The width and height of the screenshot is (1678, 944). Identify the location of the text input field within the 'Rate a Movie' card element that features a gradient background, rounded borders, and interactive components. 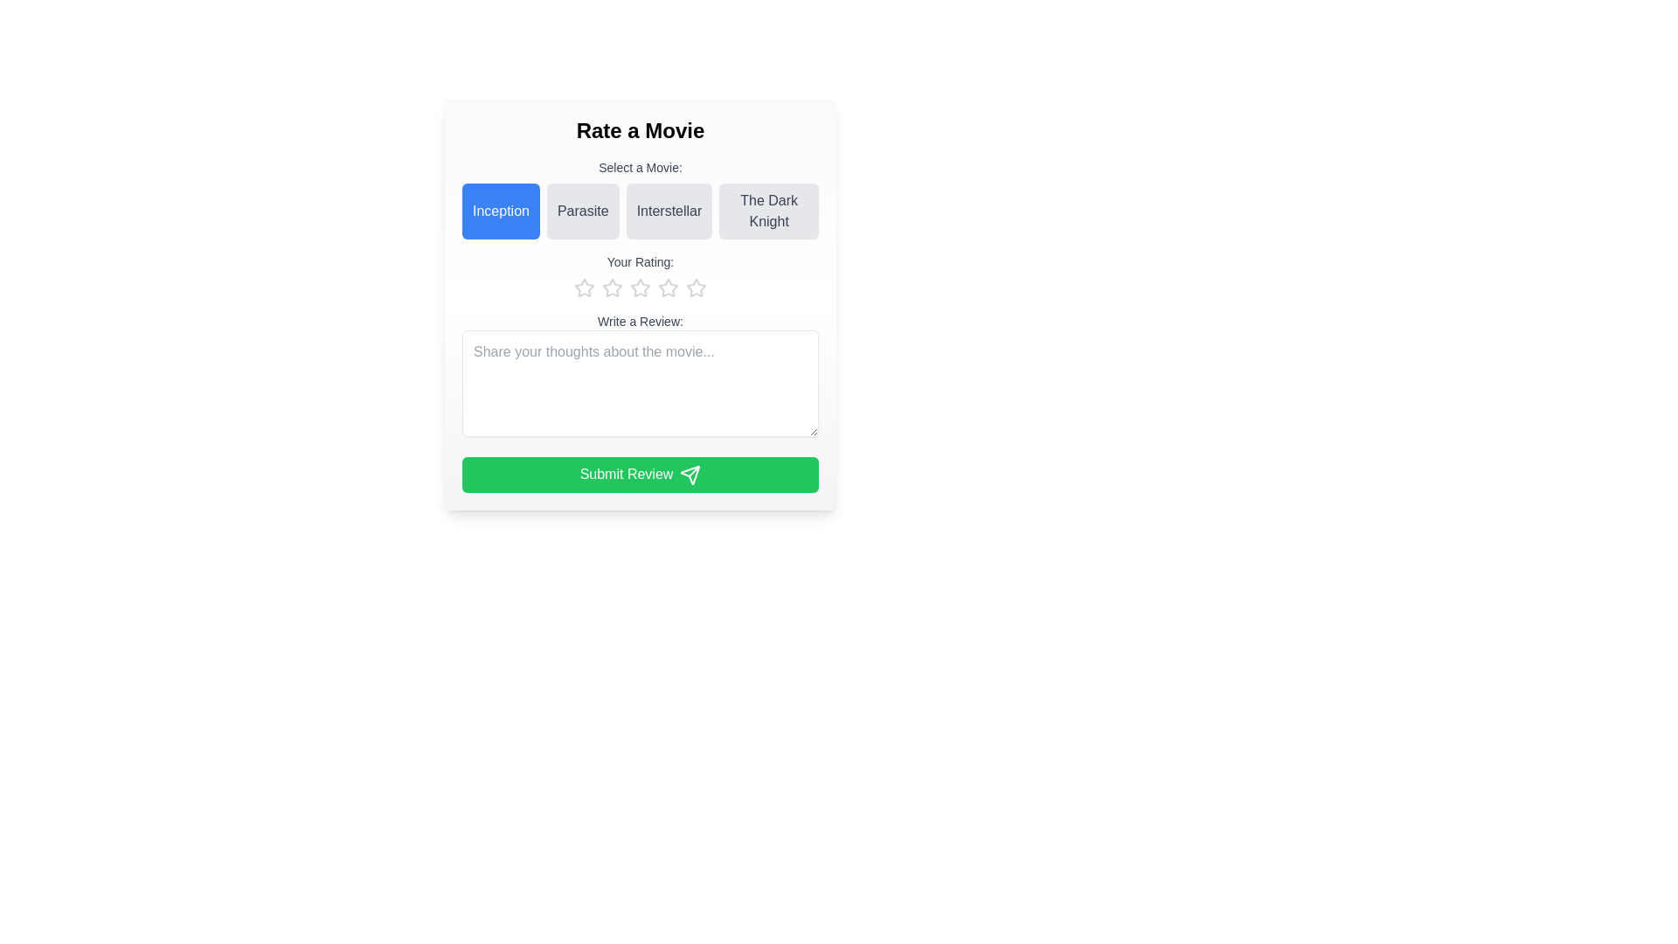
(640, 302).